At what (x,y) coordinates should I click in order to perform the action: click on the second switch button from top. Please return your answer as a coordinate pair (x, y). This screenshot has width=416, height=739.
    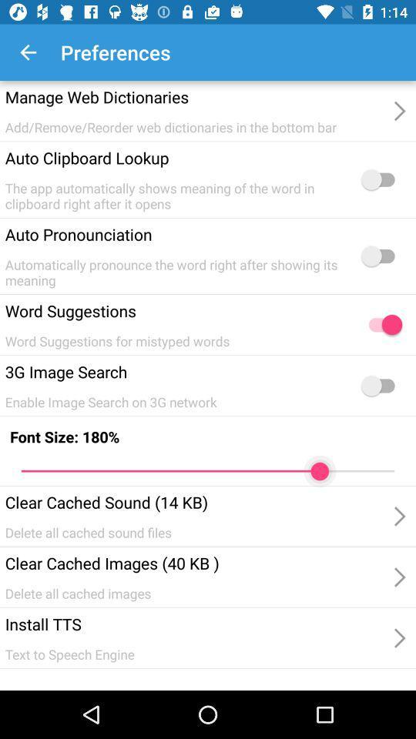
    Looking at the image, I should click on (381, 256).